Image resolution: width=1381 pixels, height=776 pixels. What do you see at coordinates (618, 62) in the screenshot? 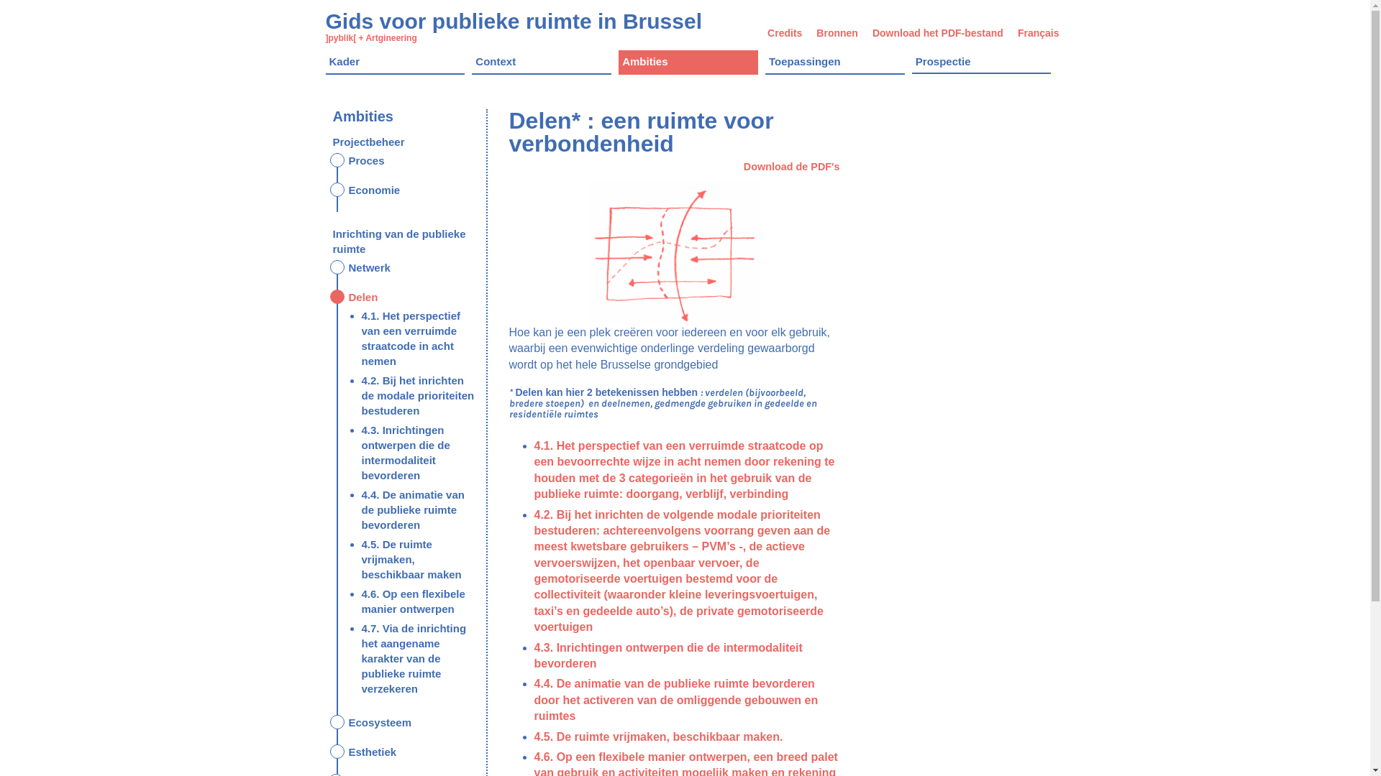
I see `'Ambities'` at bounding box center [618, 62].